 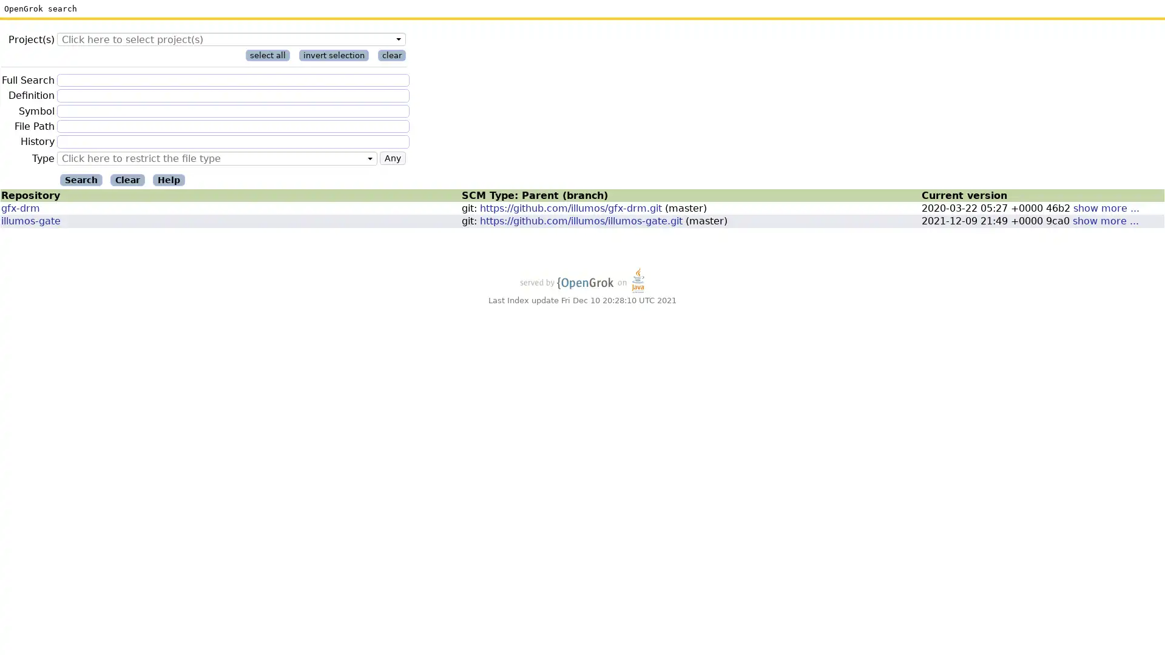 What do you see at coordinates (334, 55) in the screenshot?
I see `invert selection` at bounding box center [334, 55].